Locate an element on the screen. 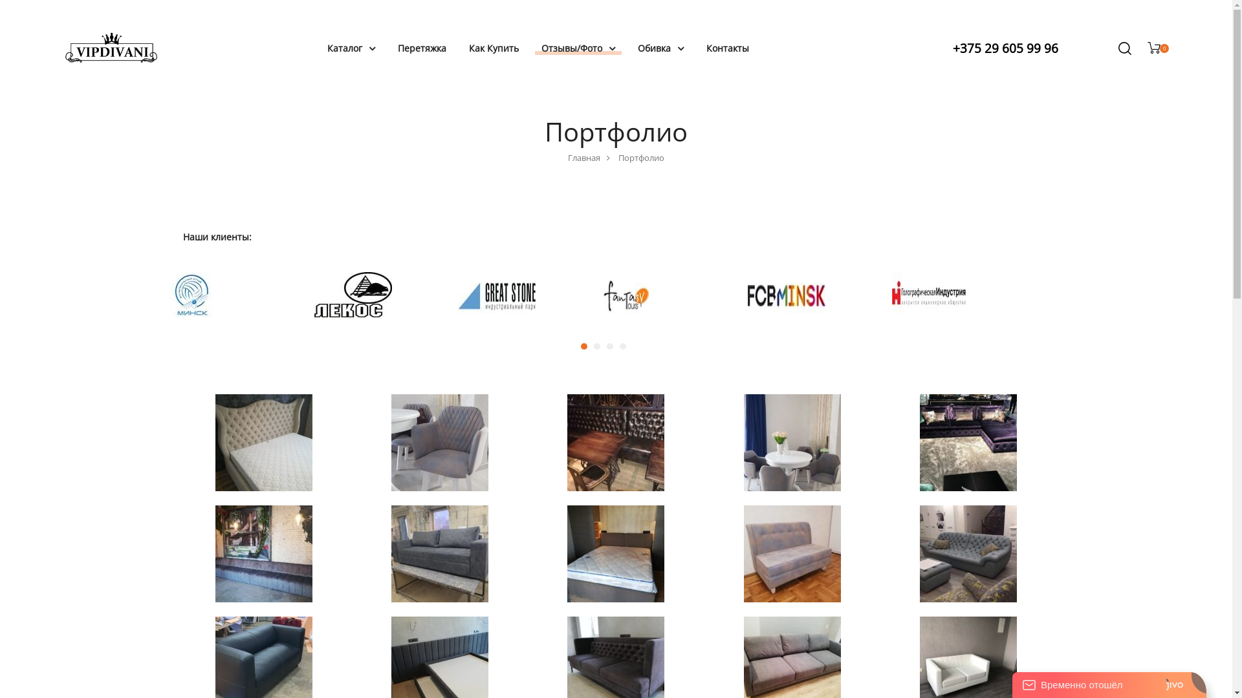 This screenshot has width=1242, height=698. '0' is located at coordinates (1158, 48).